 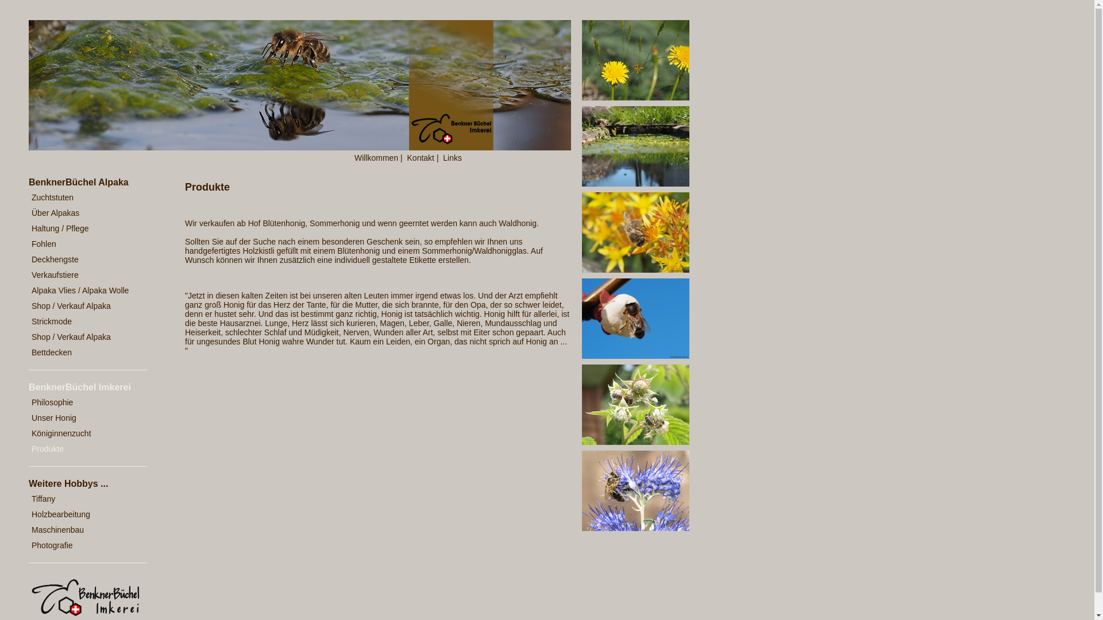 I want to click on 'Unser Honig', so click(x=82, y=418).